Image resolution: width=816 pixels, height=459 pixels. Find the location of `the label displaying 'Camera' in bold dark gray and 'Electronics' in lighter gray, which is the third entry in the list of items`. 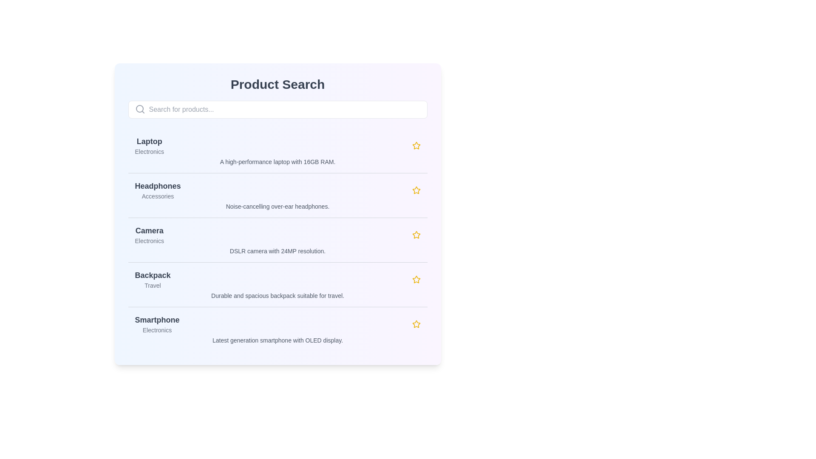

the label displaying 'Camera' in bold dark gray and 'Electronics' in lighter gray, which is the third entry in the list of items is located at coordinates (149, 235).